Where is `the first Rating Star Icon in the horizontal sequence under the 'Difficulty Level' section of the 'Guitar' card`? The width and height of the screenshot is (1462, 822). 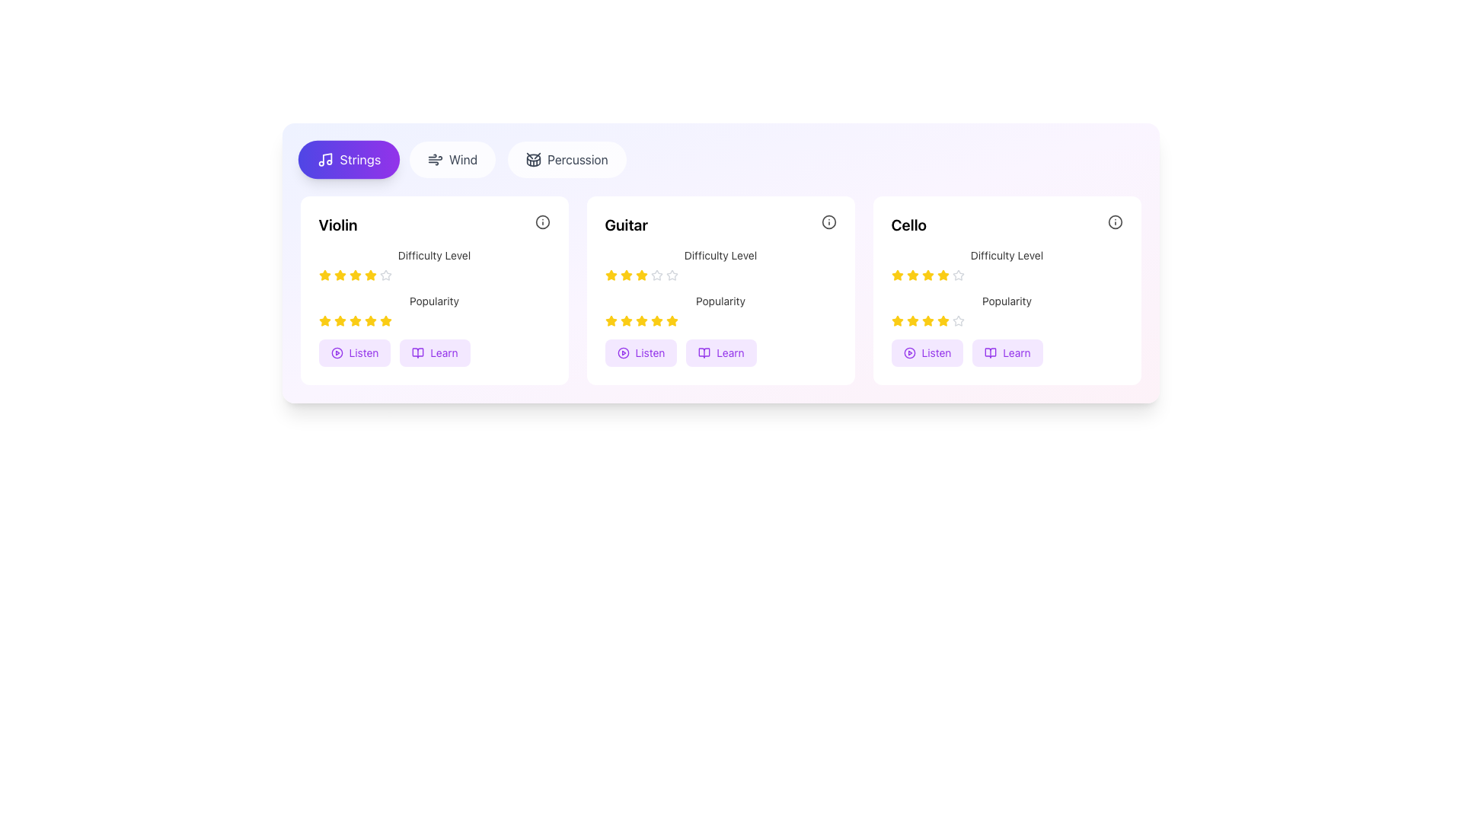 the first Rating Star Icon in the horizontal sequence under the 'Difficulty Level' section of the 'Guitar' card is located at coordinates (626, 275).